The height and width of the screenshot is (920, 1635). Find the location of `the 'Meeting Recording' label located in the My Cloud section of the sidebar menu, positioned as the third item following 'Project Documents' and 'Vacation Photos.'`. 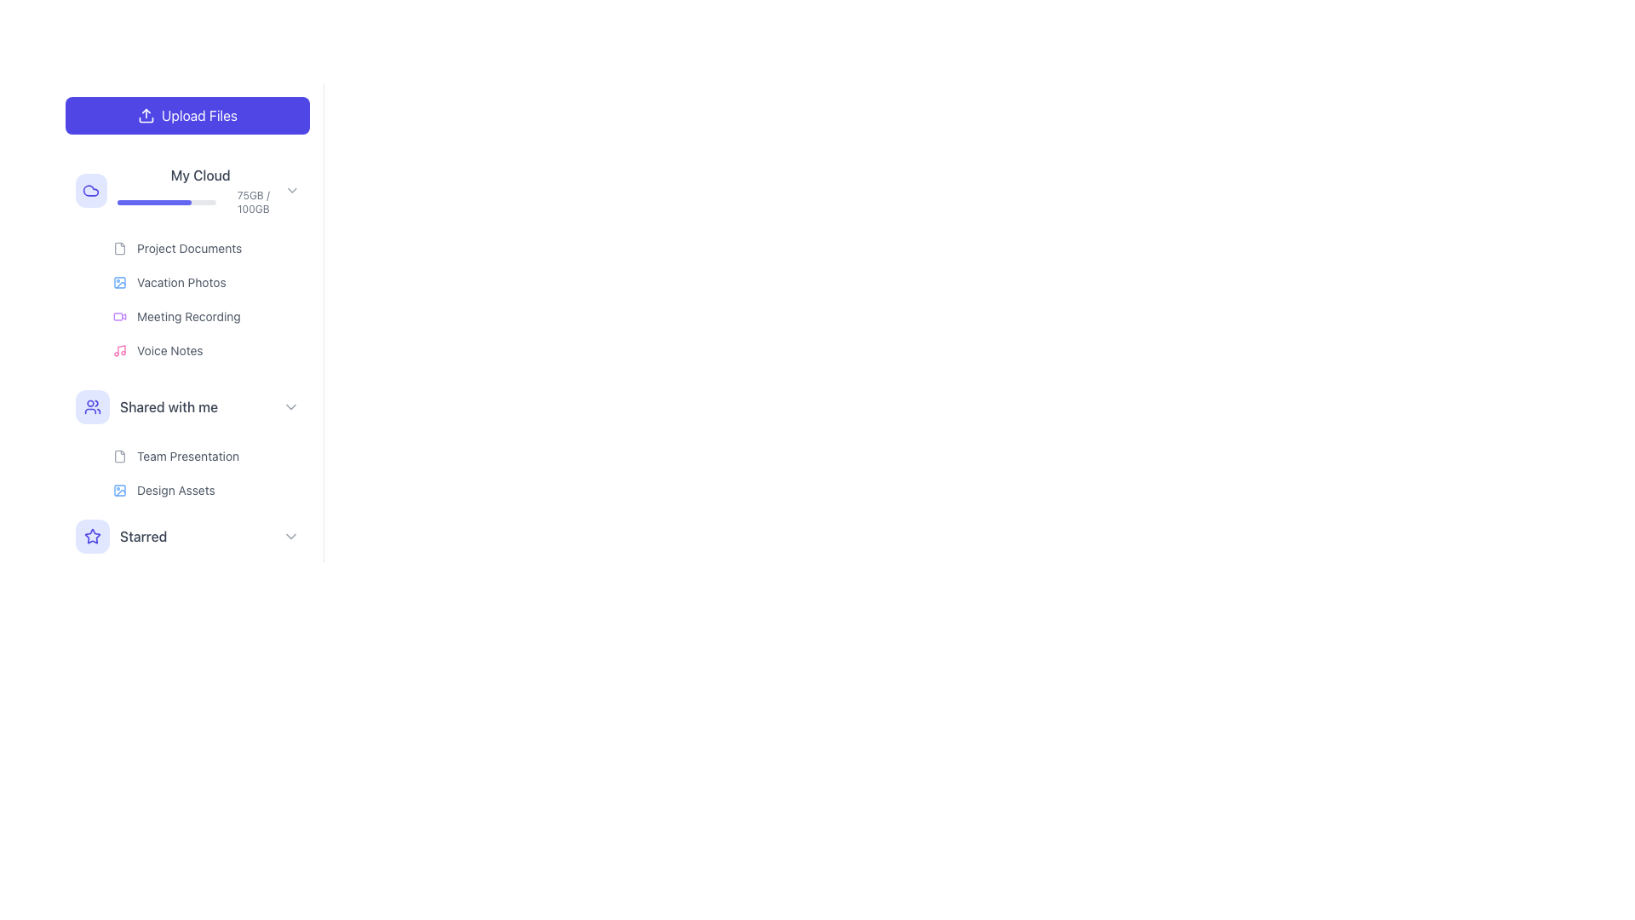

the 'Meeting Recording' label located in the My Cloud section of the sidebar menu, positioned as the third item following 'Project Documents' and 'Vacation Photos.' is located at coordinates (188, 316).